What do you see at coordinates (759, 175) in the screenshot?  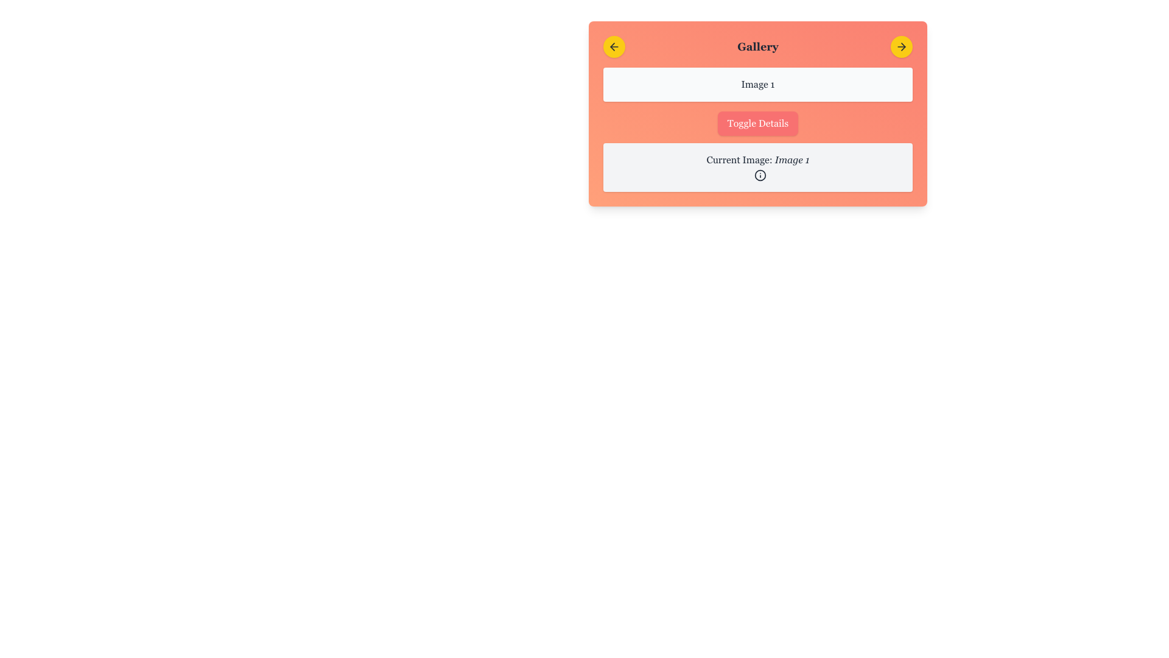 I see `the icon representing additional information located to the right of the label 'Current Image: Image 1'` at bounding box center [759, 175].